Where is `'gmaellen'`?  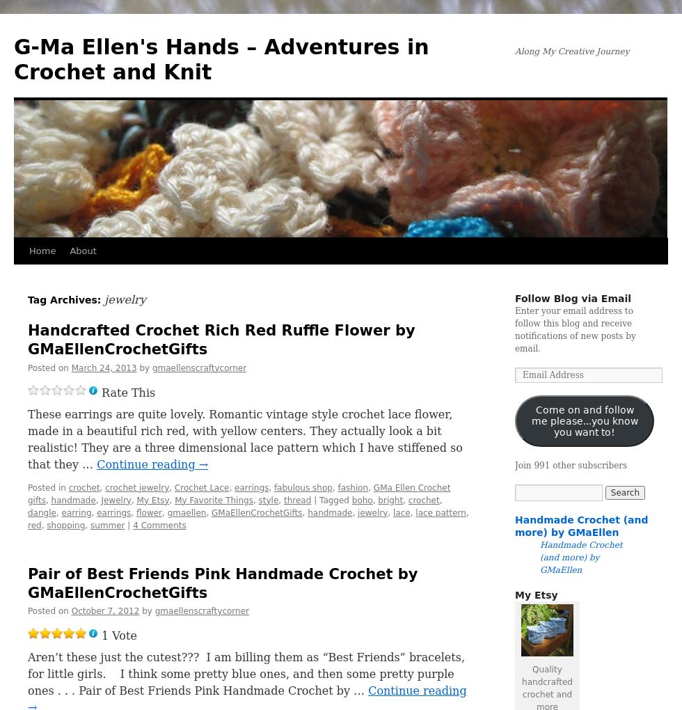
'gmaellen' is located at coordinates (187, 512).